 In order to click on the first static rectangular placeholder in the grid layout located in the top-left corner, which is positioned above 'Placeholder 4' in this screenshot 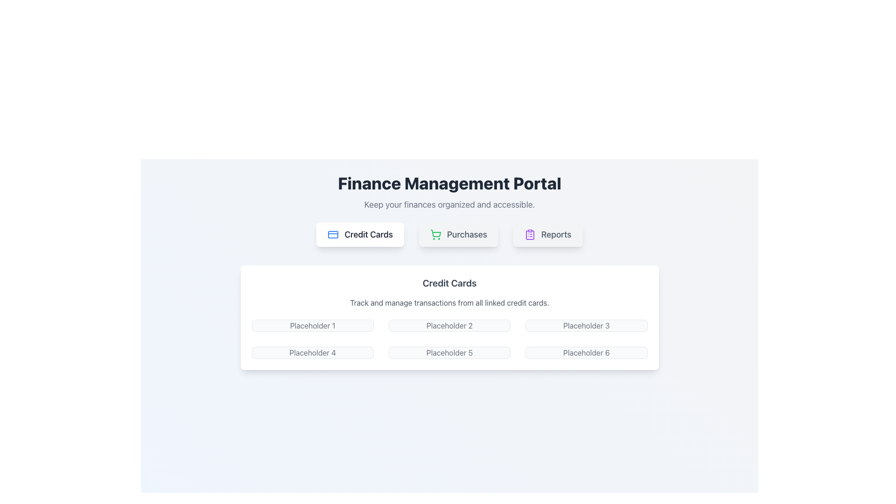, I will do `click(313, 325)`.